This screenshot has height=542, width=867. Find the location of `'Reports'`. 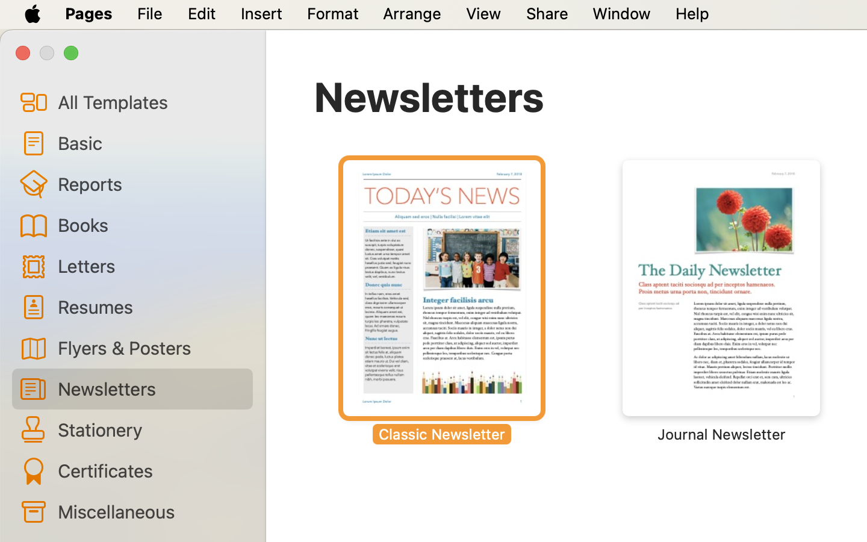

'Reports' is located at coordinates (149, 183).